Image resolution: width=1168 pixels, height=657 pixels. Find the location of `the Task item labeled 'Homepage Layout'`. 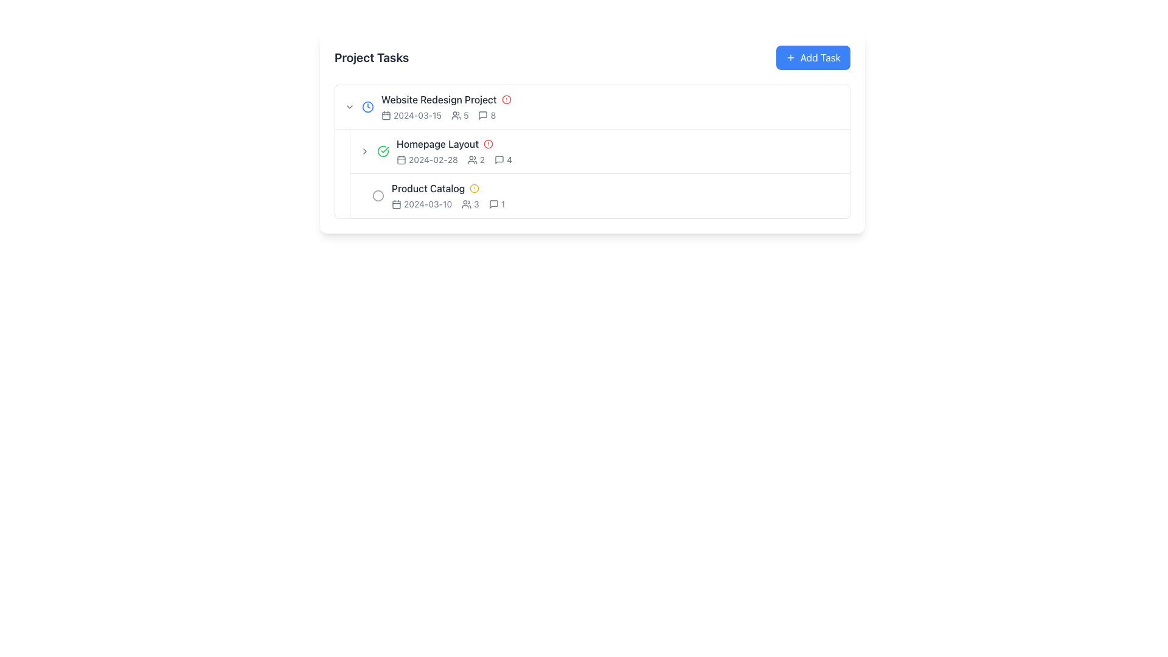

the Task item labeled 'Homepage Layout' is located at coordinates (599, 173).